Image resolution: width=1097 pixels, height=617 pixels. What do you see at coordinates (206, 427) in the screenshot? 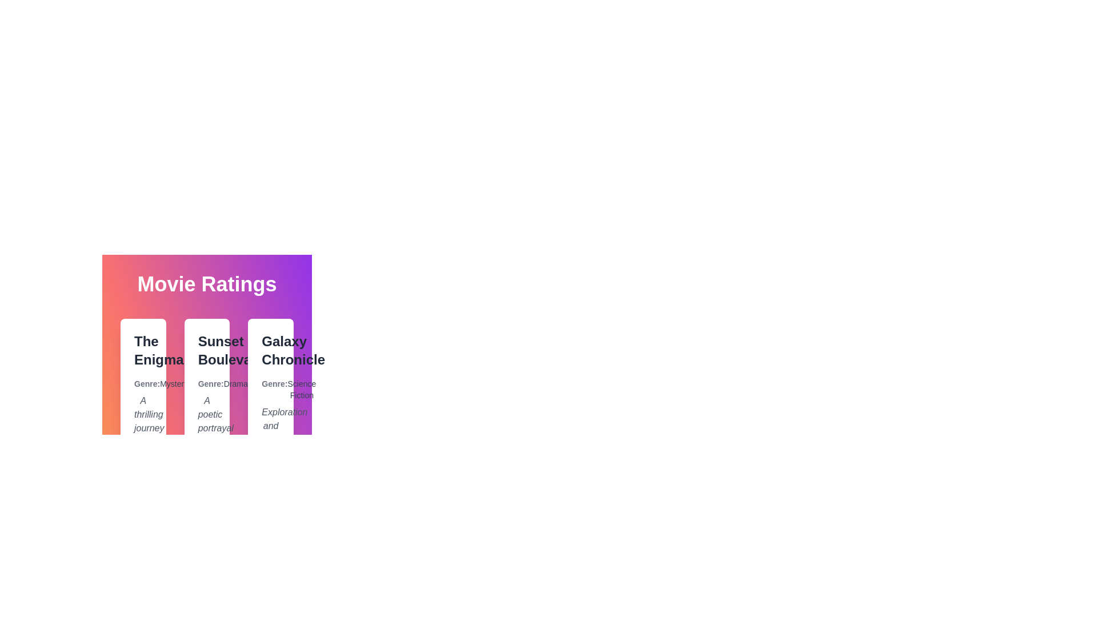
I see `the movie card titled Sunset Boulevard` at bounding box center [206, 427].